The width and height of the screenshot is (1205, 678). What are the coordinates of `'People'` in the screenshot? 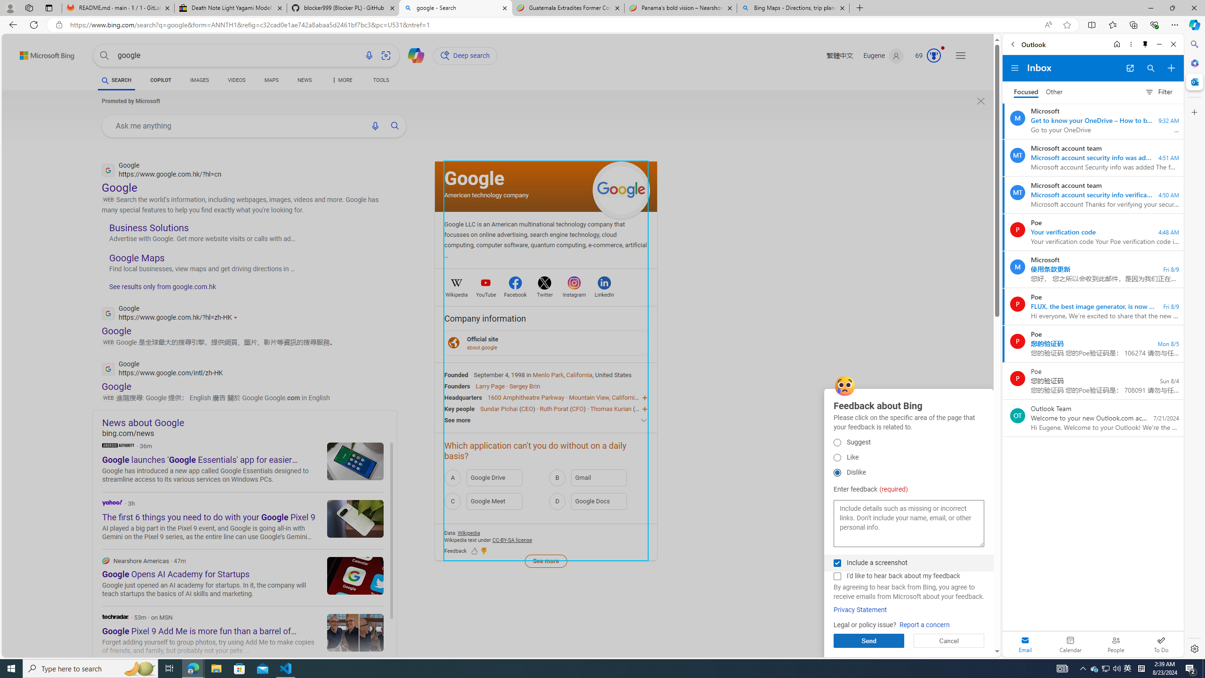 It's located at (1115, 644).